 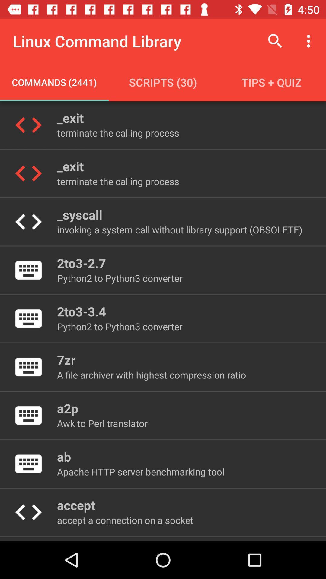 I want to click on icon above 2to3-2.7 item, so click(x=179, y=229).